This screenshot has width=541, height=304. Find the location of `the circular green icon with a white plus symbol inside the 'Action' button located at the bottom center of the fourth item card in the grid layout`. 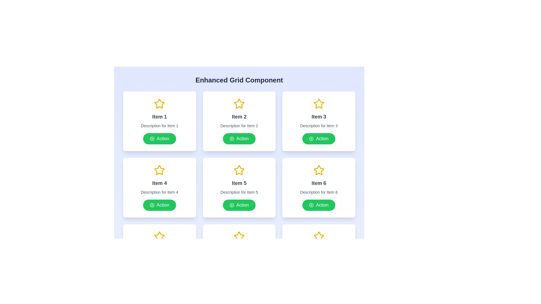

the circular green icon with a white plus symbol inside the 'Action' button located at the bottom center of the fourth item card in the grid layout is located at coordinates (152, 205).